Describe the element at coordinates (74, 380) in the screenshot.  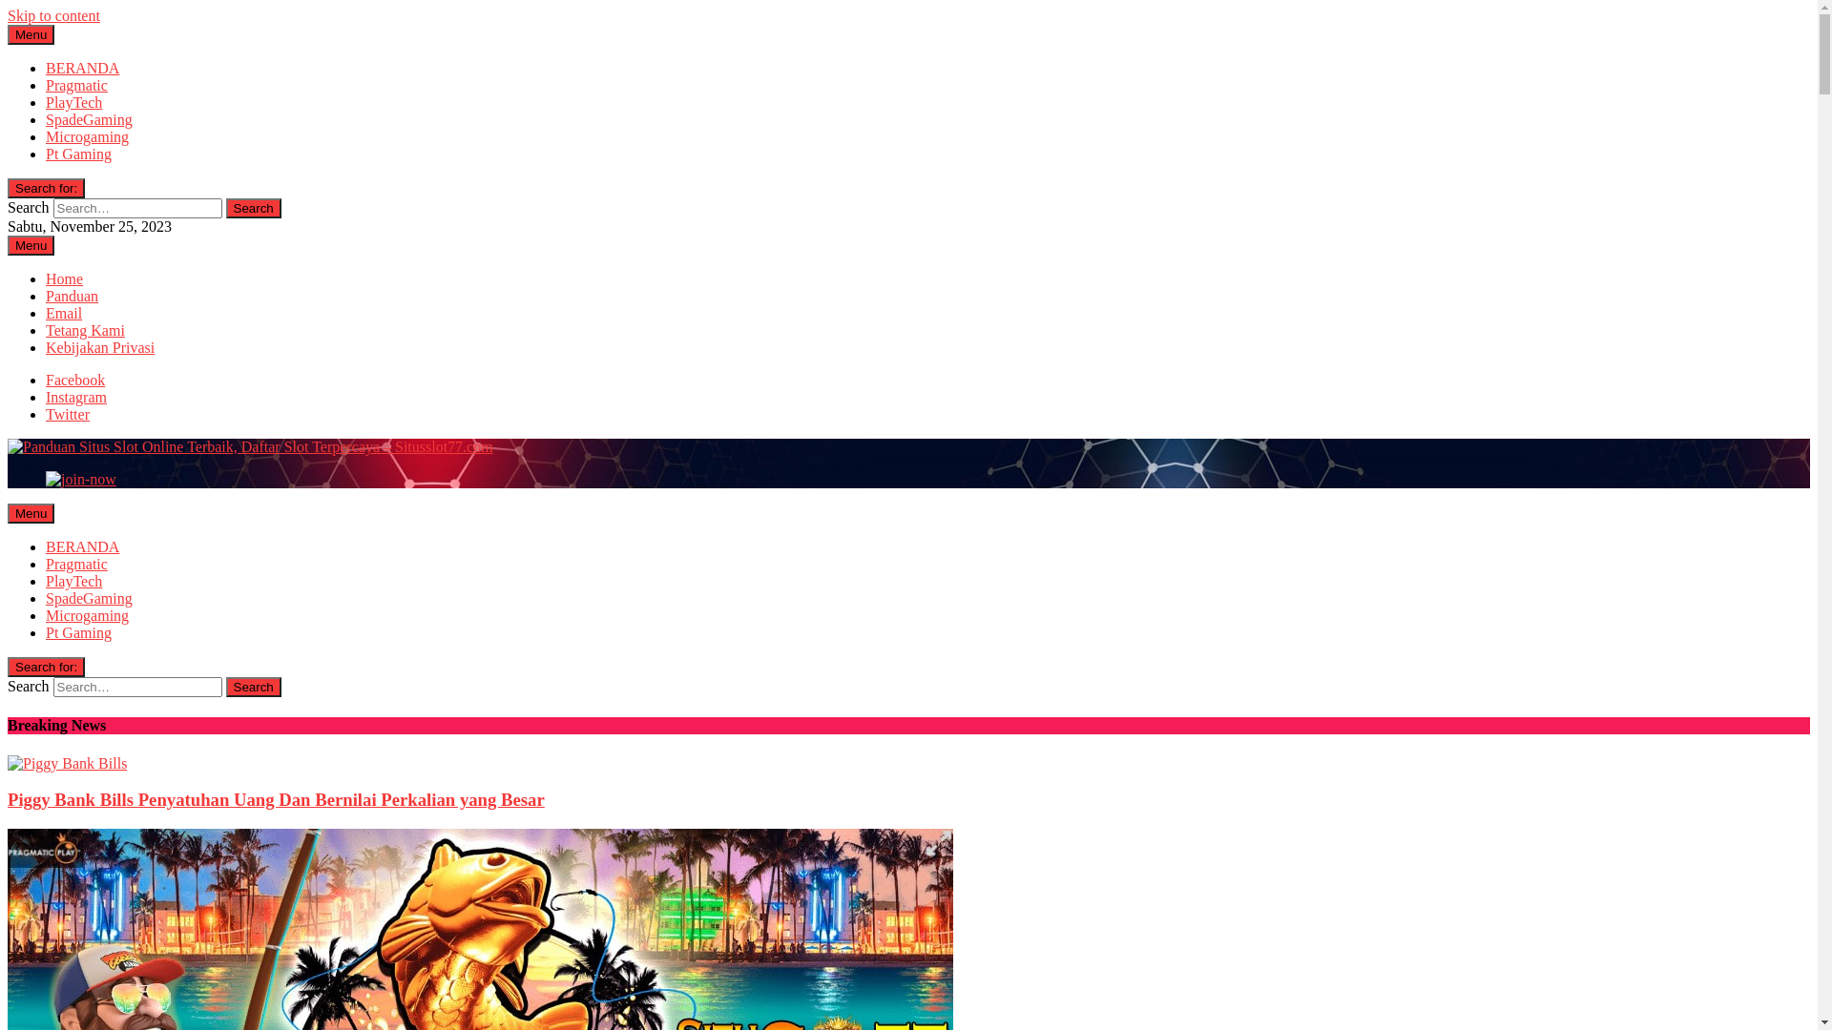
I see `'Facebook'` at that location.